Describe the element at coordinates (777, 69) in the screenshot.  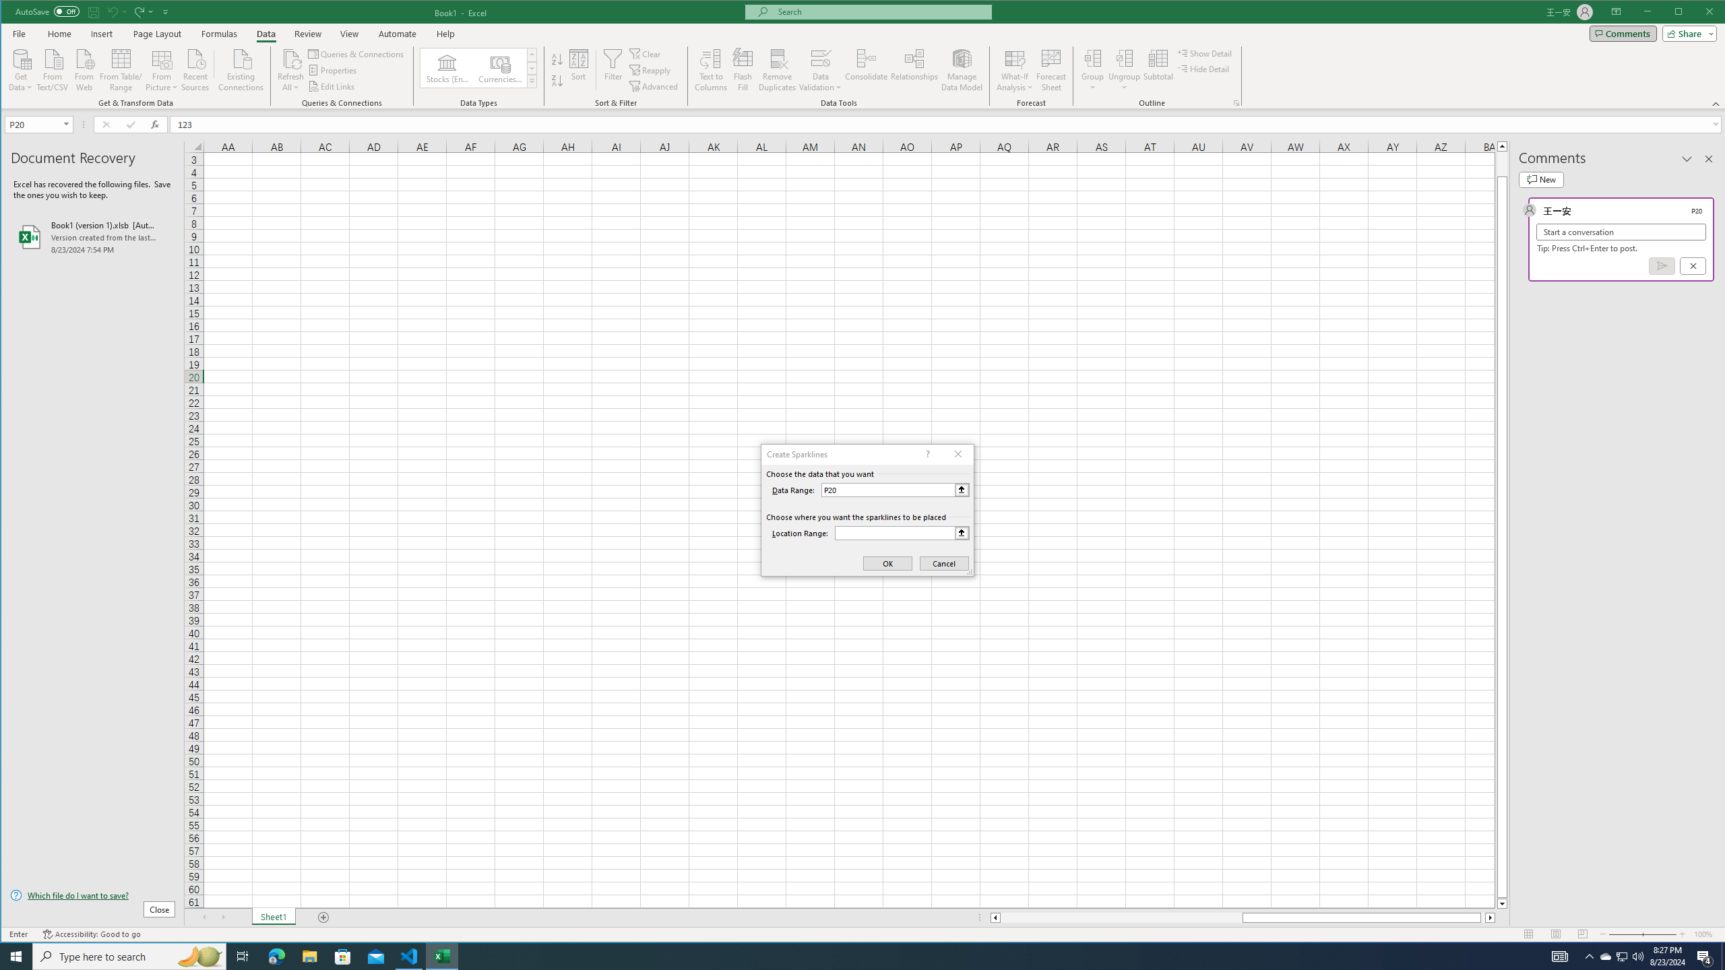
I see `'Remove Duplicates'` at that location.